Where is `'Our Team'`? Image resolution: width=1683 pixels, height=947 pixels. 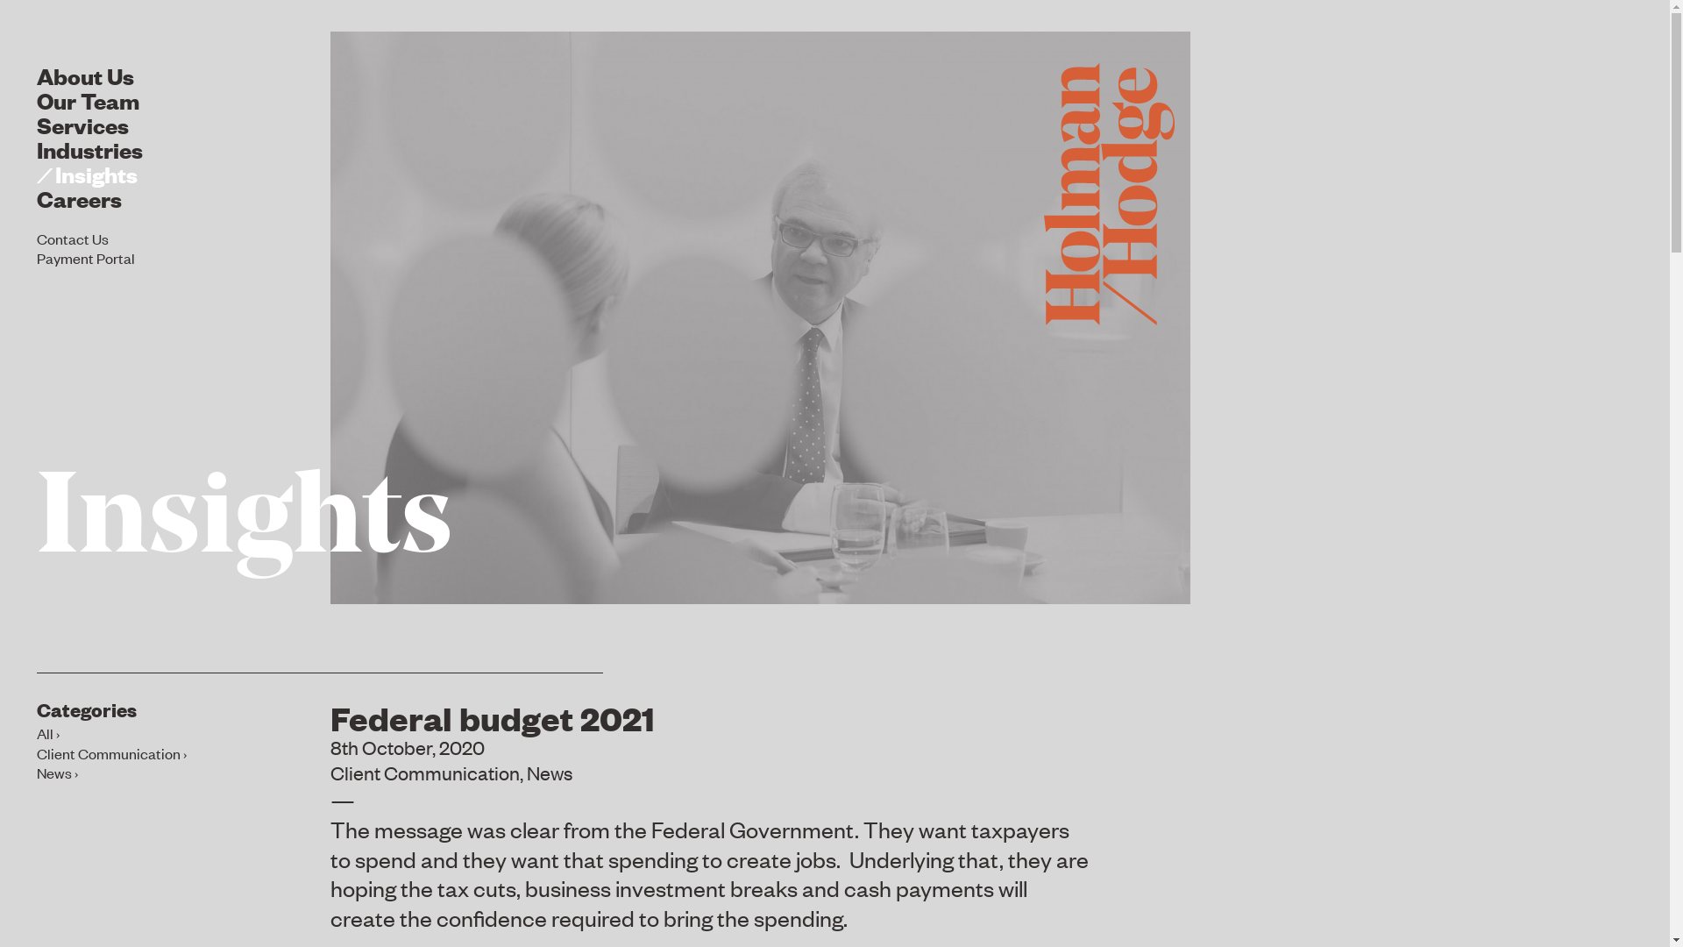 'Our Team' is located at coordinates (87, 99).